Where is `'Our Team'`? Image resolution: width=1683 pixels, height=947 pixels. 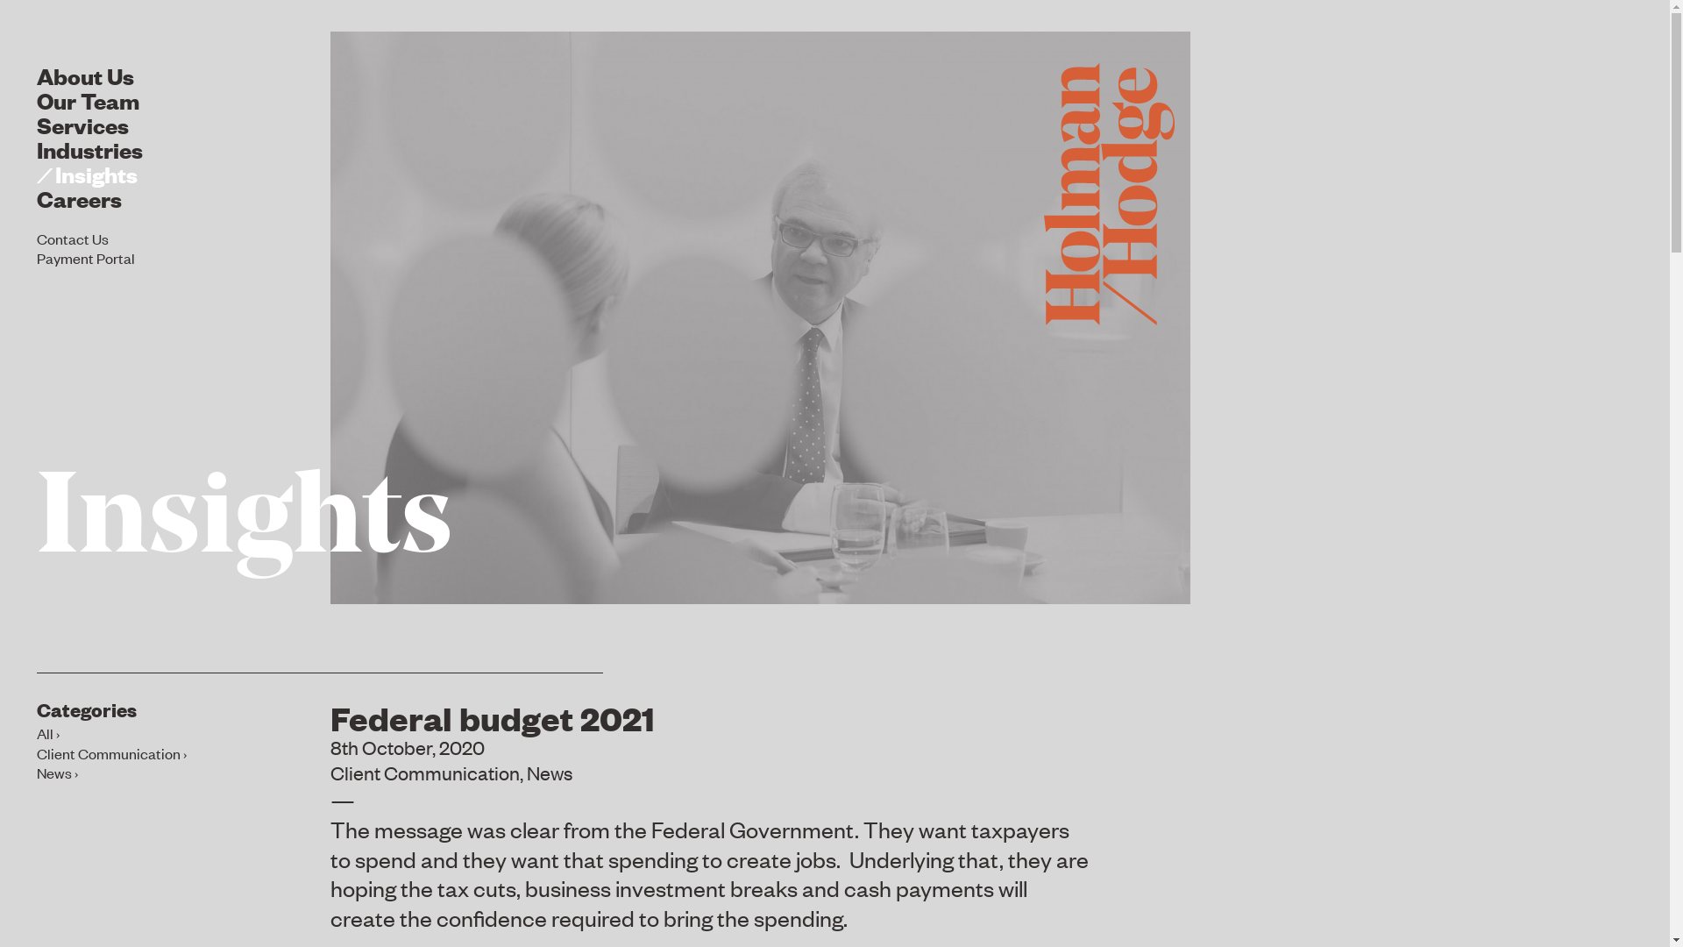 'Our Team' is located at coordinates (87, 99).